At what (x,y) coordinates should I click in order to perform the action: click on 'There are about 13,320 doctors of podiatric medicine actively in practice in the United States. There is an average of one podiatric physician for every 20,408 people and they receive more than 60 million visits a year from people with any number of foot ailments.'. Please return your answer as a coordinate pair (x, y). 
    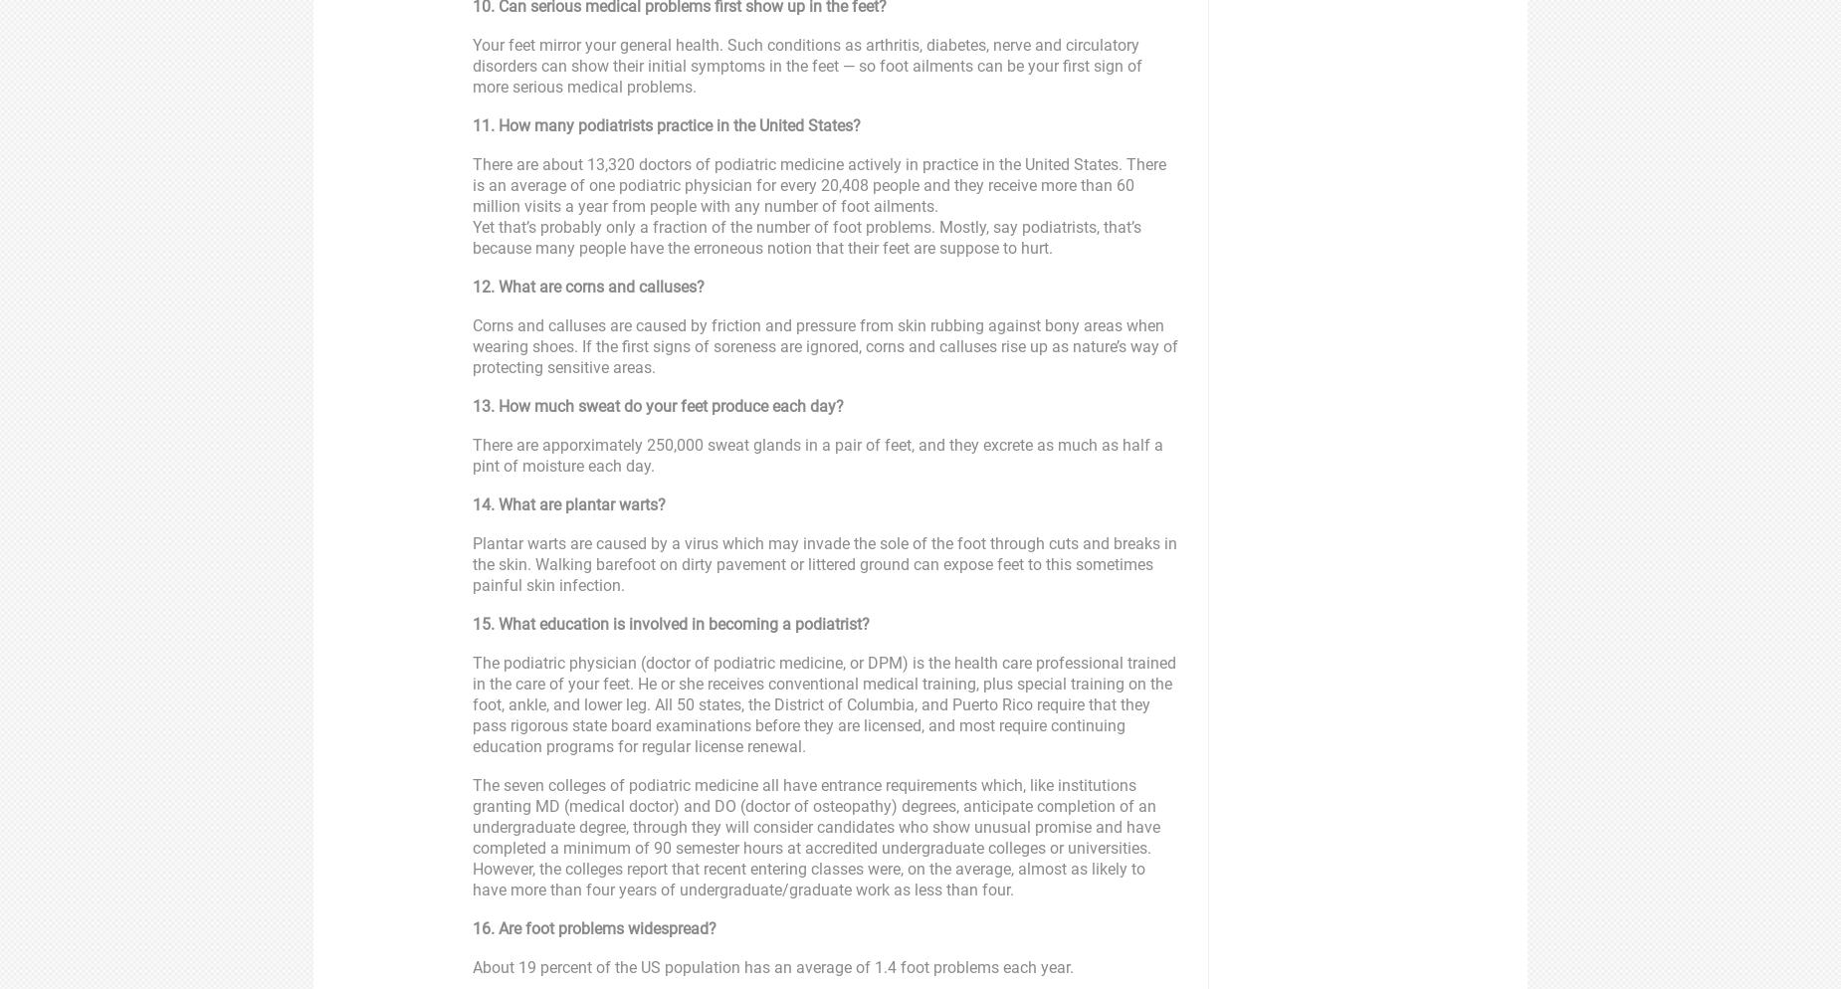
    Looking at the image, I should click on (473, 184).